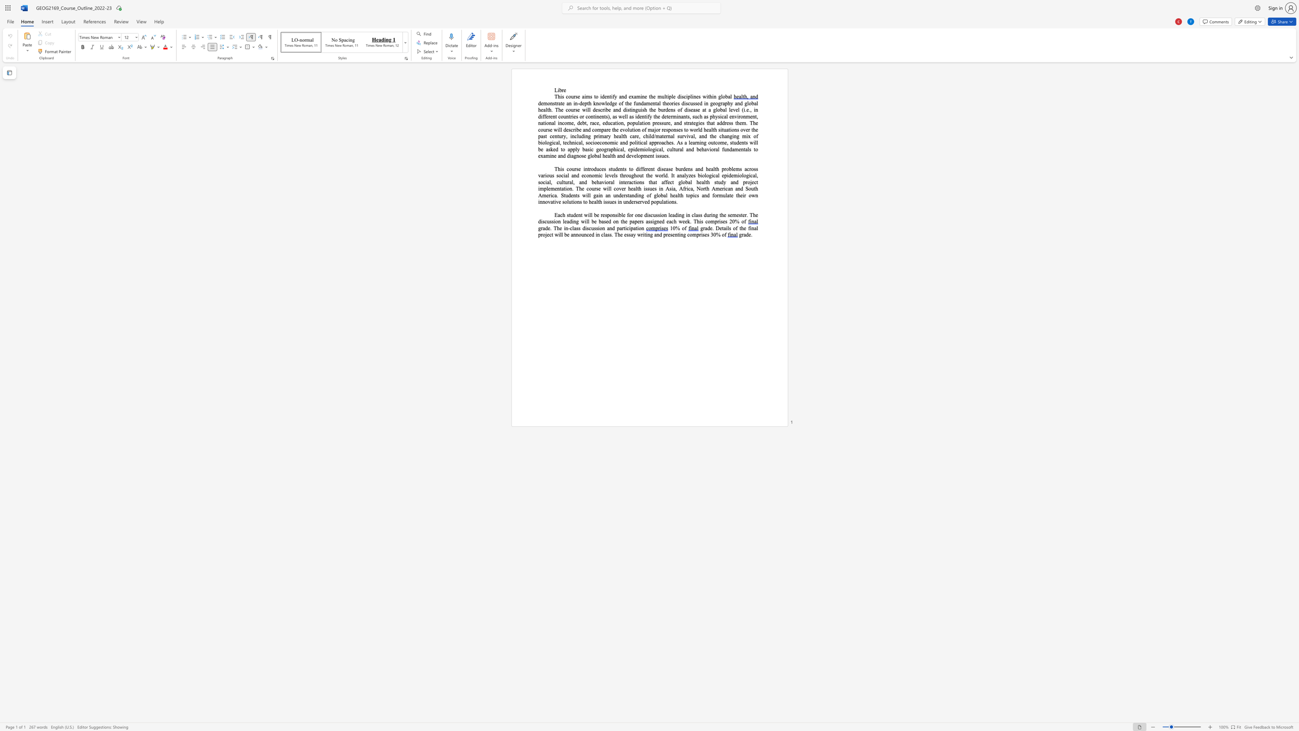 This screenshot has width=1299, height=731. I want to click on the 1th character "s" in the text, so click(586, 142).